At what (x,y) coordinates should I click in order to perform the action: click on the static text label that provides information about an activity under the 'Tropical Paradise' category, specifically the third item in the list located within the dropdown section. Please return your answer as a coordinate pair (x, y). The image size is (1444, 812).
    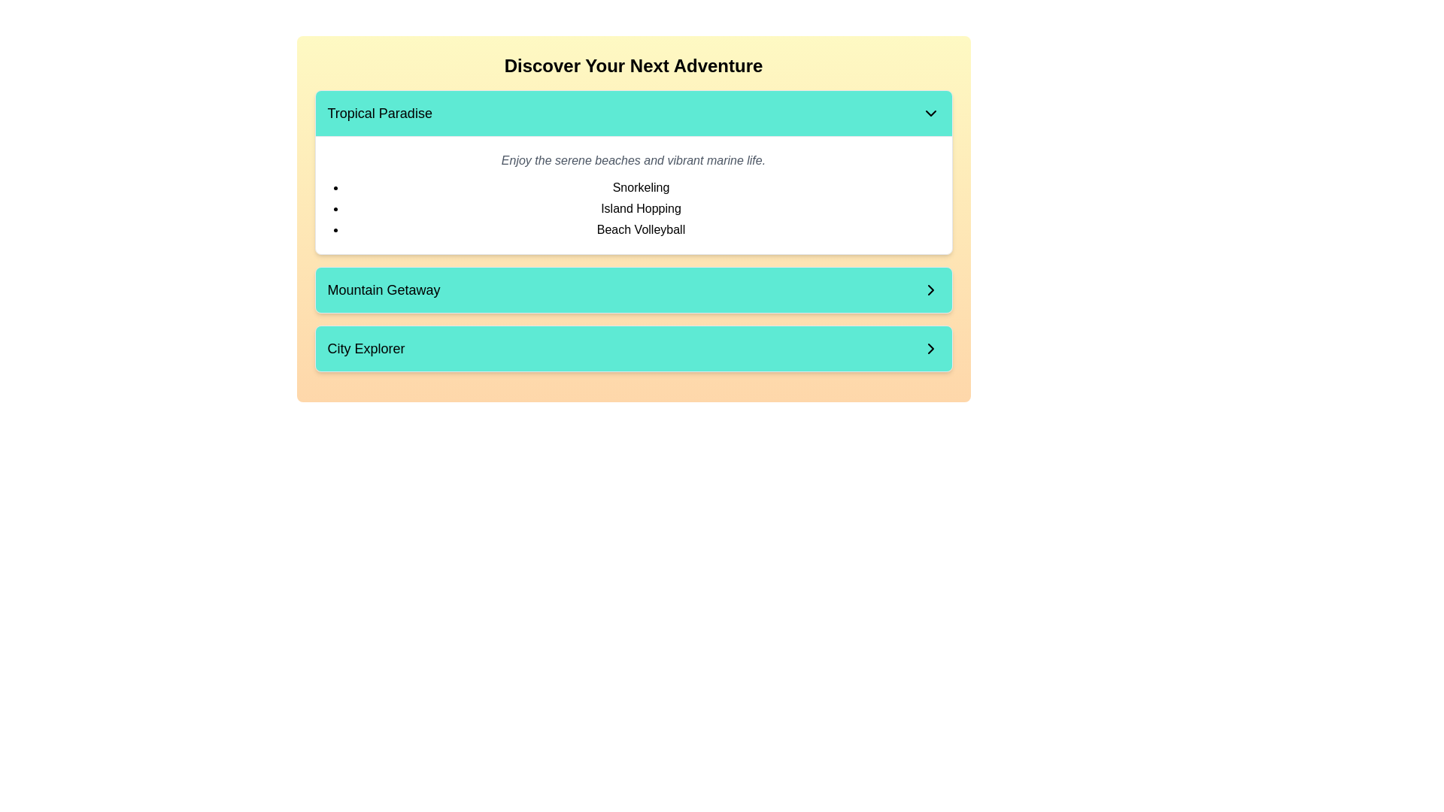
    Looking at the image, I should click on (641, 229).